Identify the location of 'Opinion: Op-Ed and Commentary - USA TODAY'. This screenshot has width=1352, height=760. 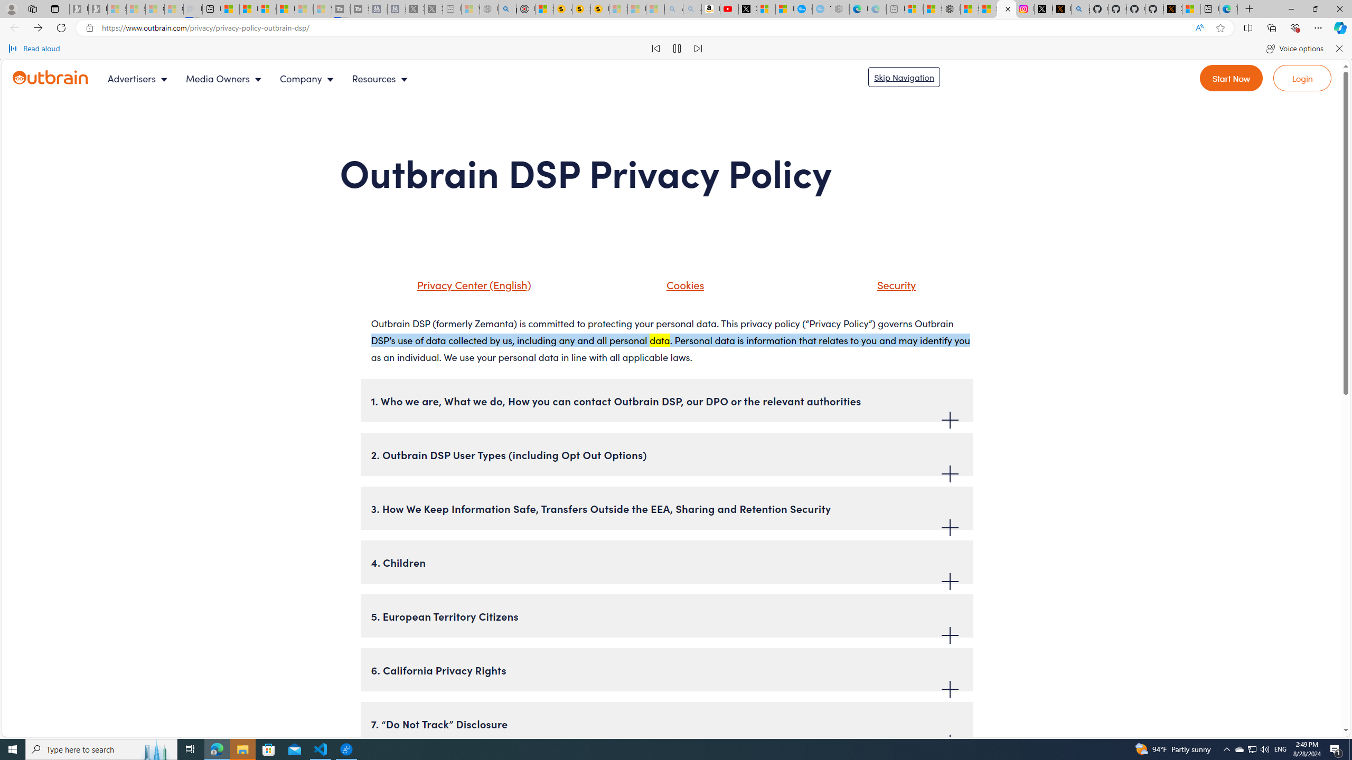
(803, 8).